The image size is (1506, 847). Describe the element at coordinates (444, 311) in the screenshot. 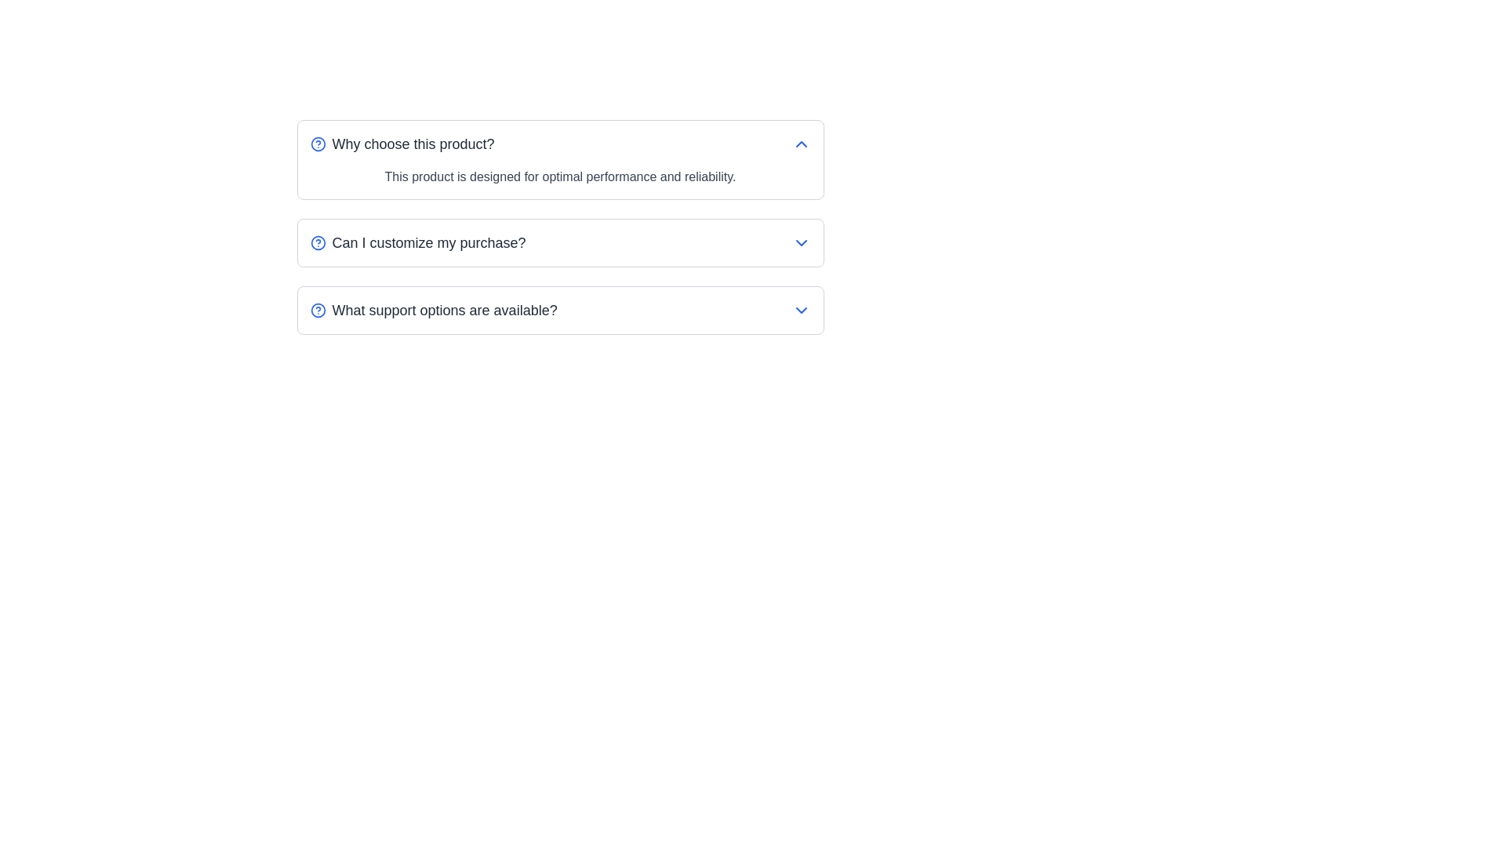

I see `the third headline Text Label in the FAQ list` at that location.